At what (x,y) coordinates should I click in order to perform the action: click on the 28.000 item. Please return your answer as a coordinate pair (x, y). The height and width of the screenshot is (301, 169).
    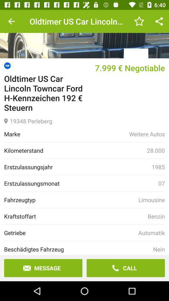
    Looking at the image, I should click on (156, 150).